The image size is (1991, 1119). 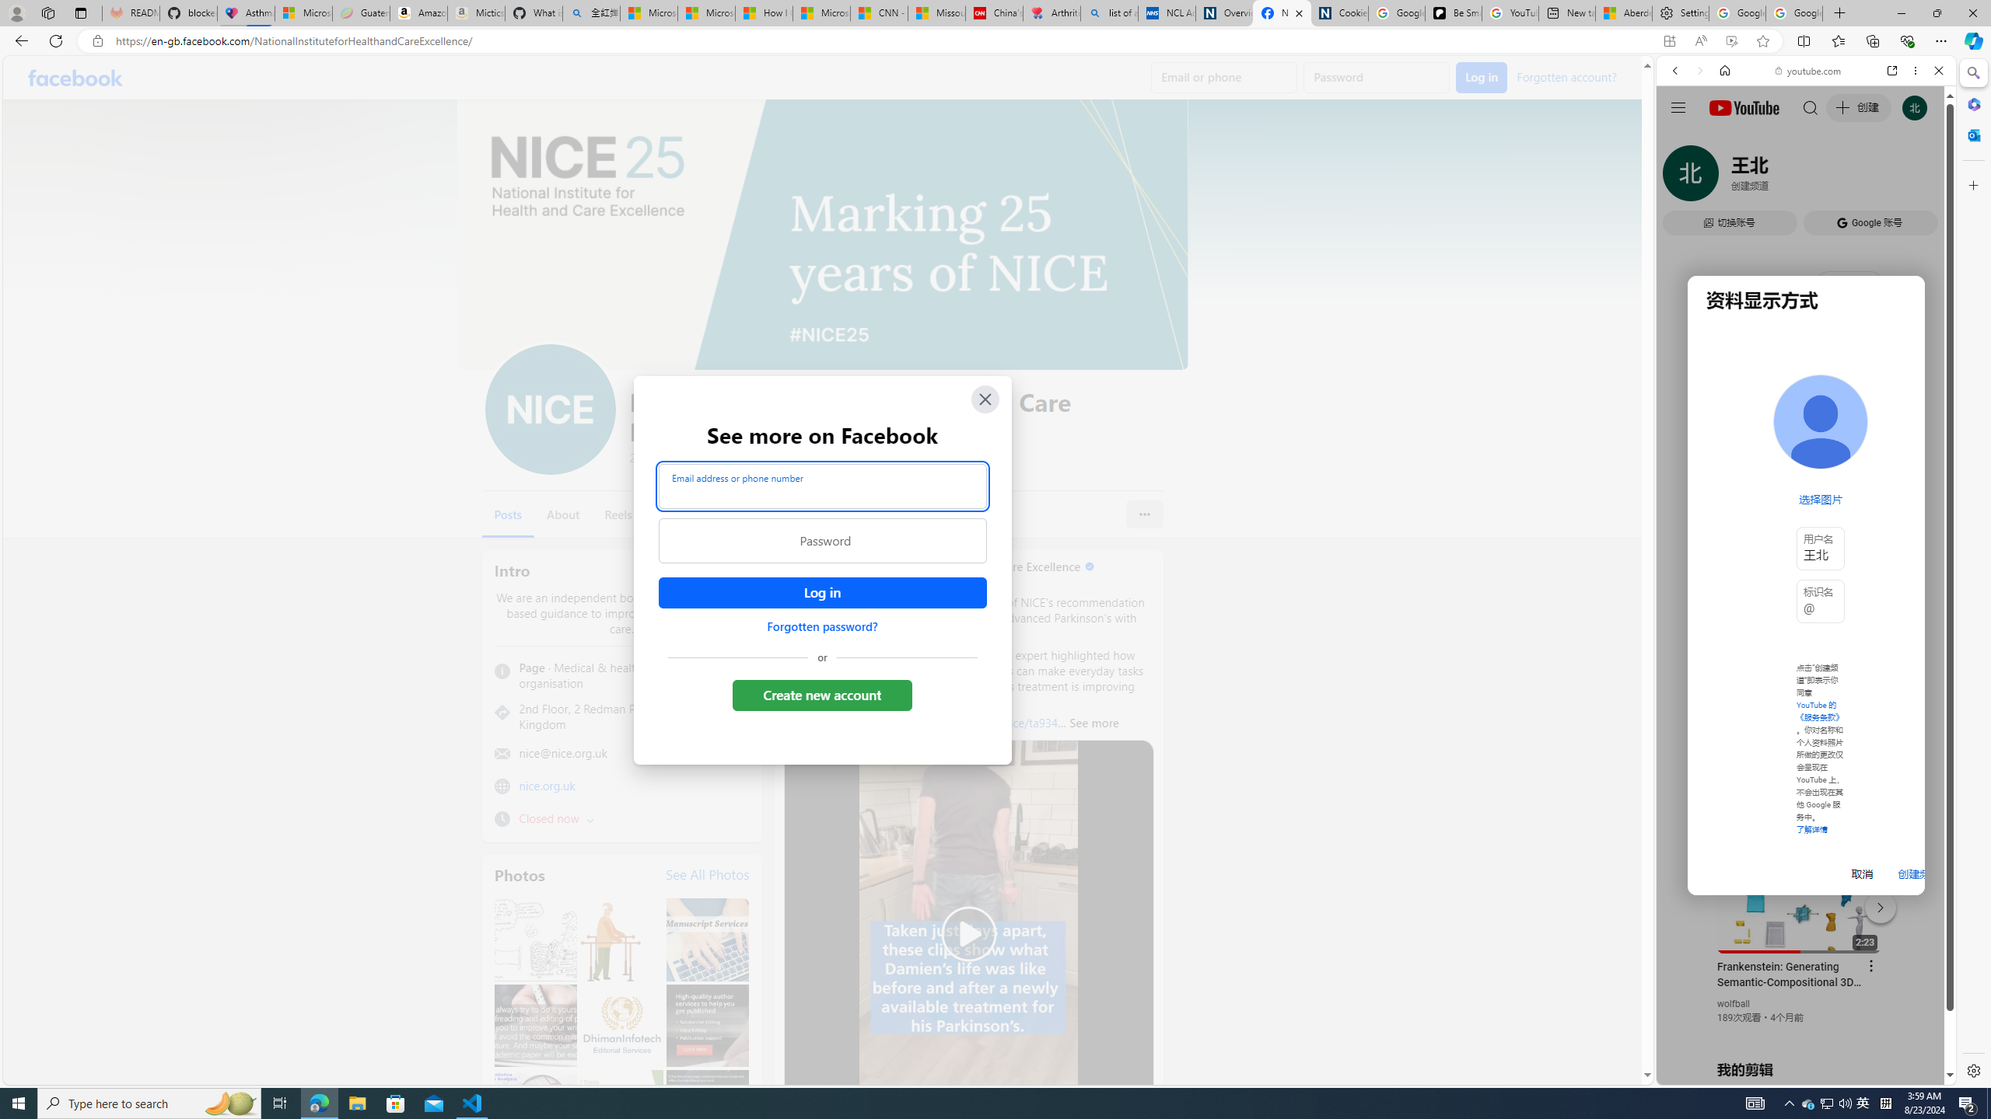 I want to click on 'Email address or phone number', so click(x=821, y=485).